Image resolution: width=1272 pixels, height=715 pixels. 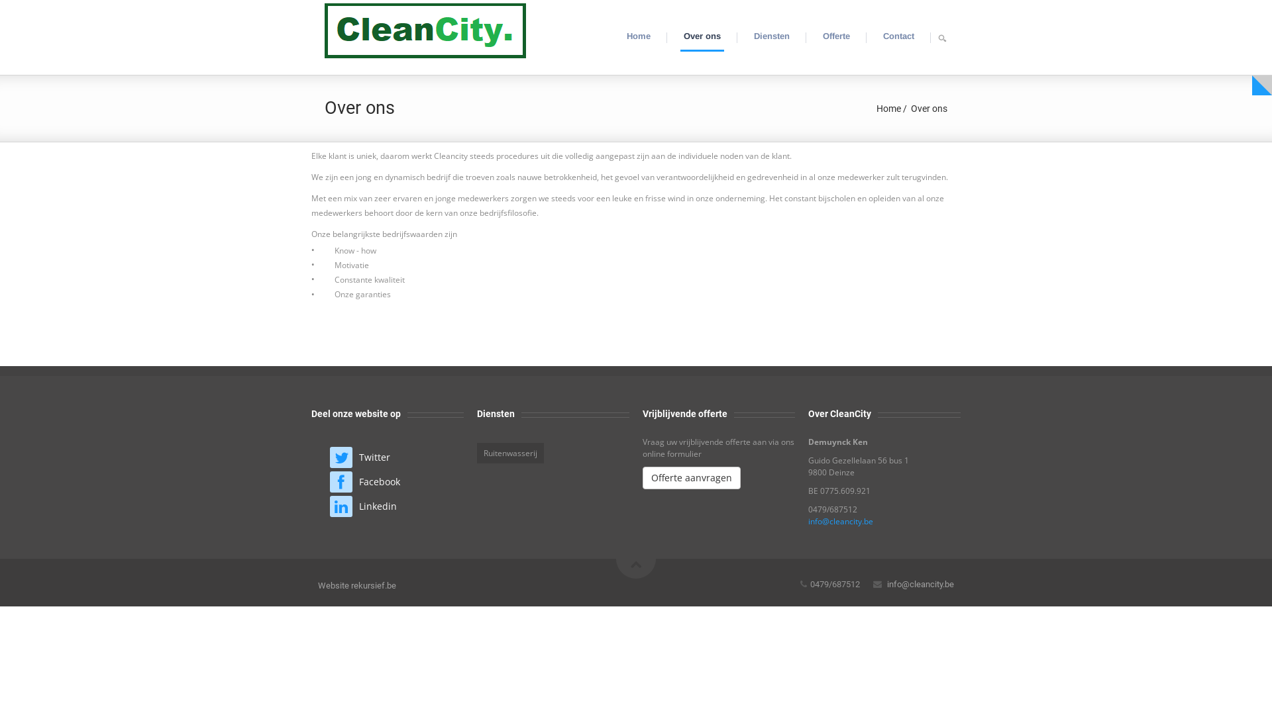 I want to click on 'Twitter', so click(x=374, y=456).